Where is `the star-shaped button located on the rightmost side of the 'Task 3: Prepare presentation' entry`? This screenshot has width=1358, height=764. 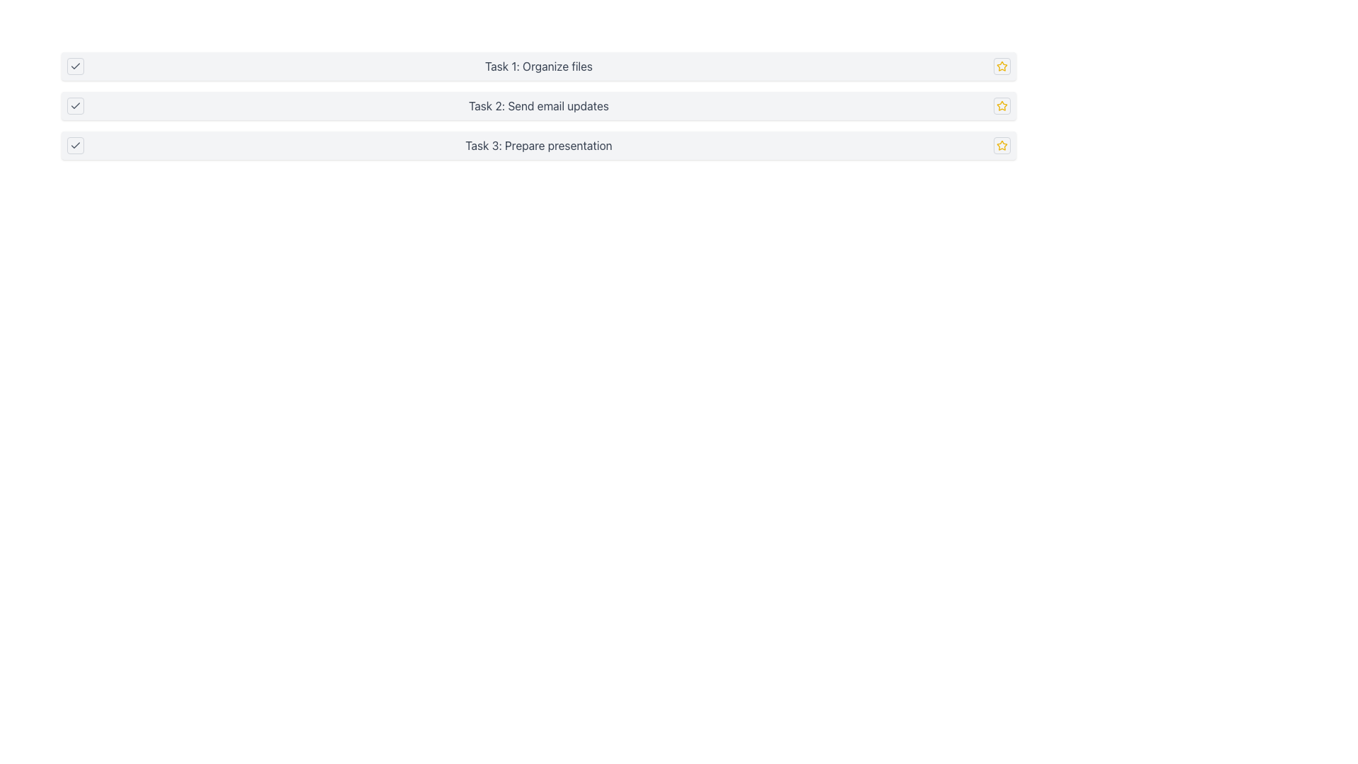 the star-shaped button located on the rightmost side of the 'Task 3: Prepare presentation' entry is located at coordinates (1001, 105).